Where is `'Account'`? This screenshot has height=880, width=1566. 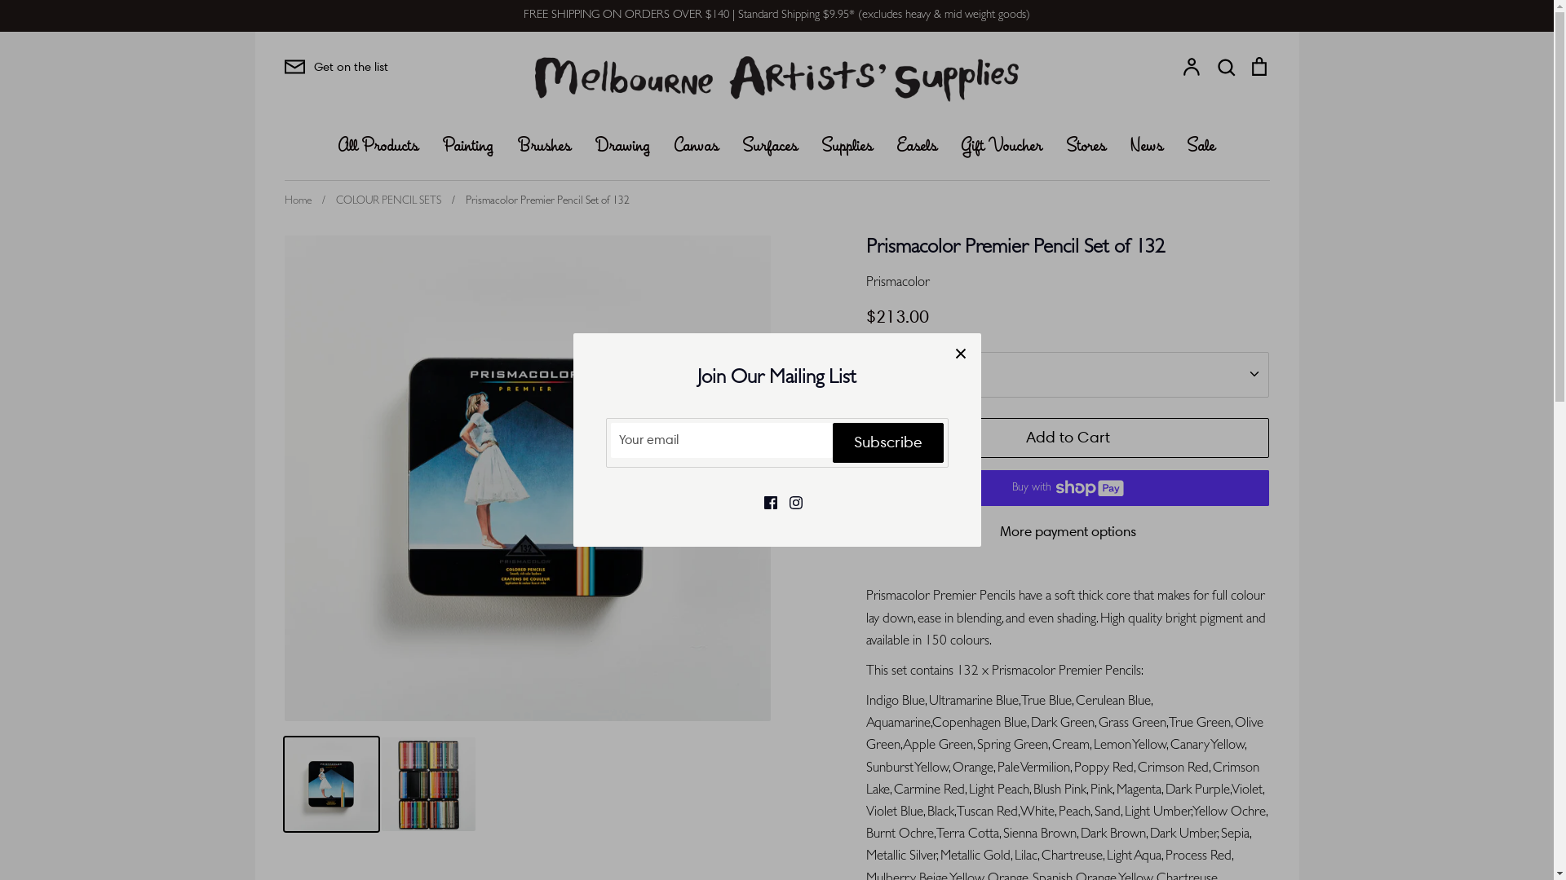 'Account' is located at coordinates (1191, 66).